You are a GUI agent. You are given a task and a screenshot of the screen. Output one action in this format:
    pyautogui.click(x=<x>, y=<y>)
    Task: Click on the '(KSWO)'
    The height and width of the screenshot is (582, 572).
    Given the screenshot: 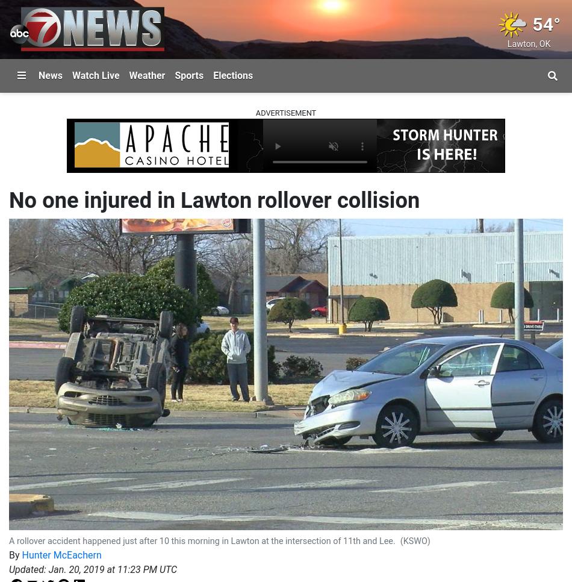 What is the action you would take?
    pyautogui.click(x=415, y=540)
    